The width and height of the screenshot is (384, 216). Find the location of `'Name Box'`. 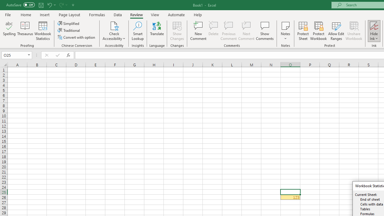

'Name Box' is located at coordinates (14, 55).